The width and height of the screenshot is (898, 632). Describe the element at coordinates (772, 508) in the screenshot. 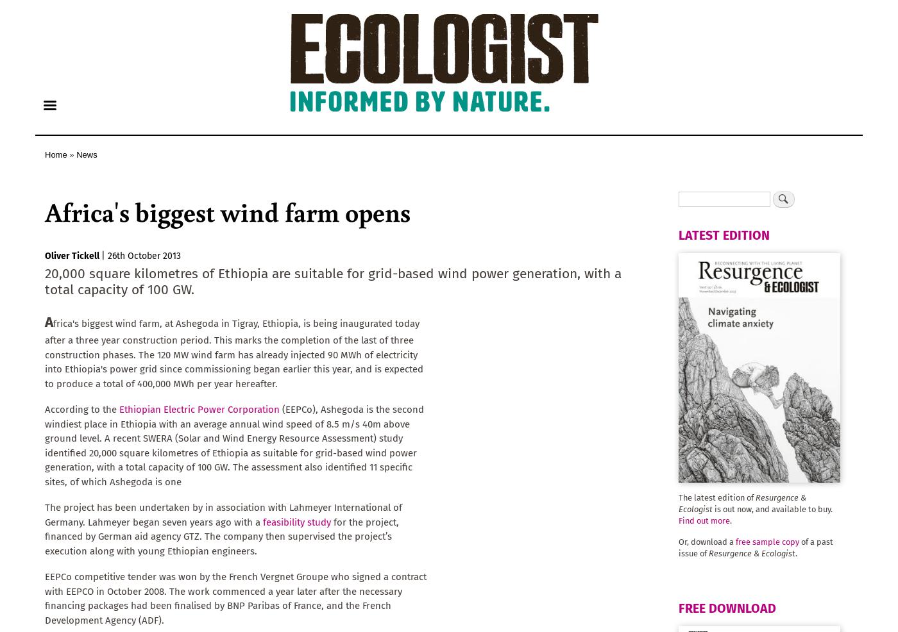

I see `'is out now, and available to buy.'` at that location.